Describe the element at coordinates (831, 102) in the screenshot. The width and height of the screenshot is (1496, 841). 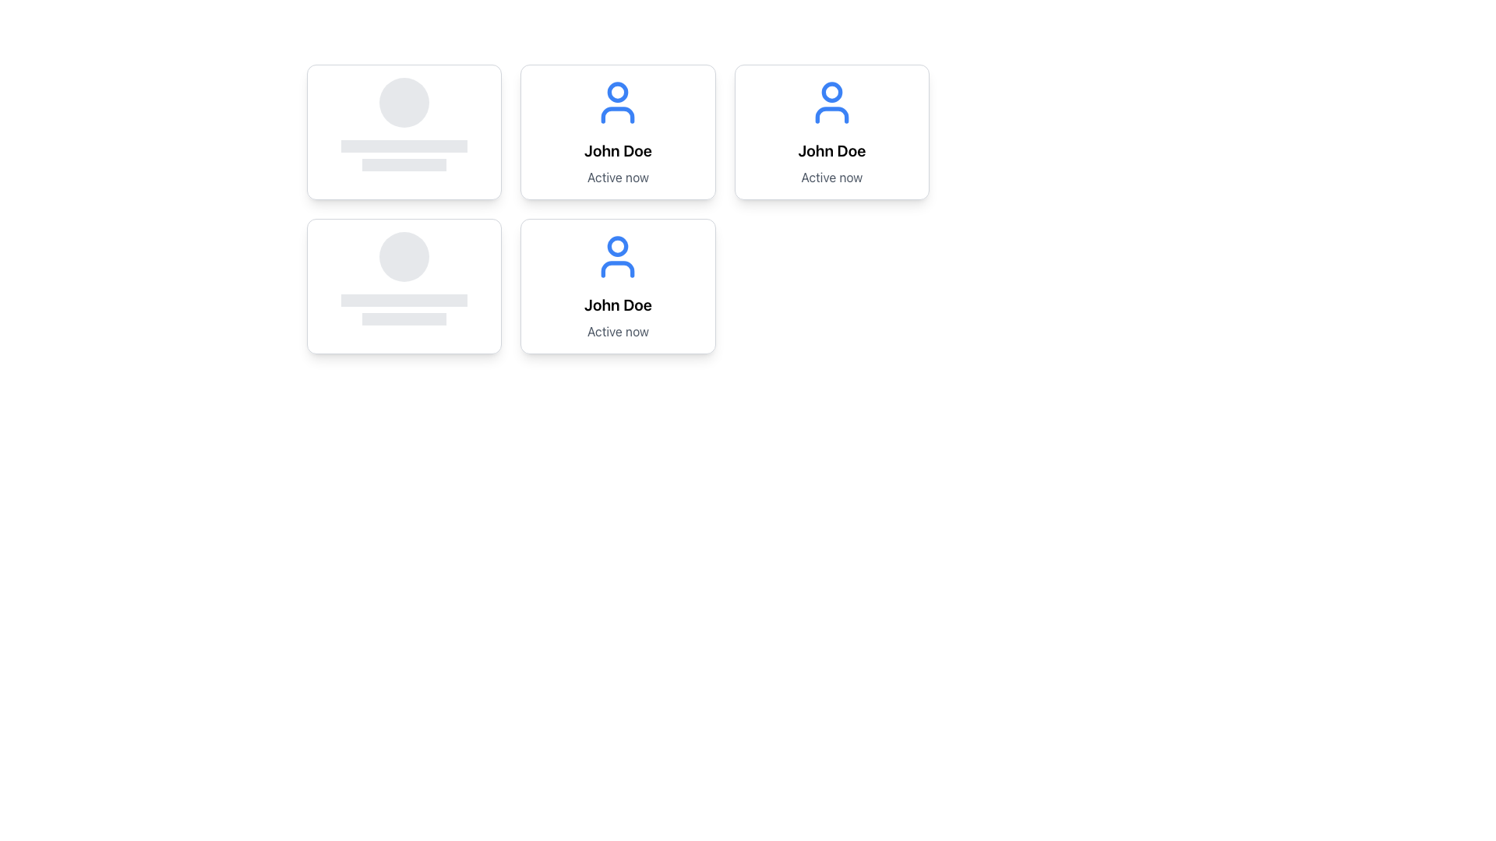
I see `the user profile icon resembling a user silhouette, which is located at the top-center of the 'John Doe' card labeled 'Active now'` at that location.